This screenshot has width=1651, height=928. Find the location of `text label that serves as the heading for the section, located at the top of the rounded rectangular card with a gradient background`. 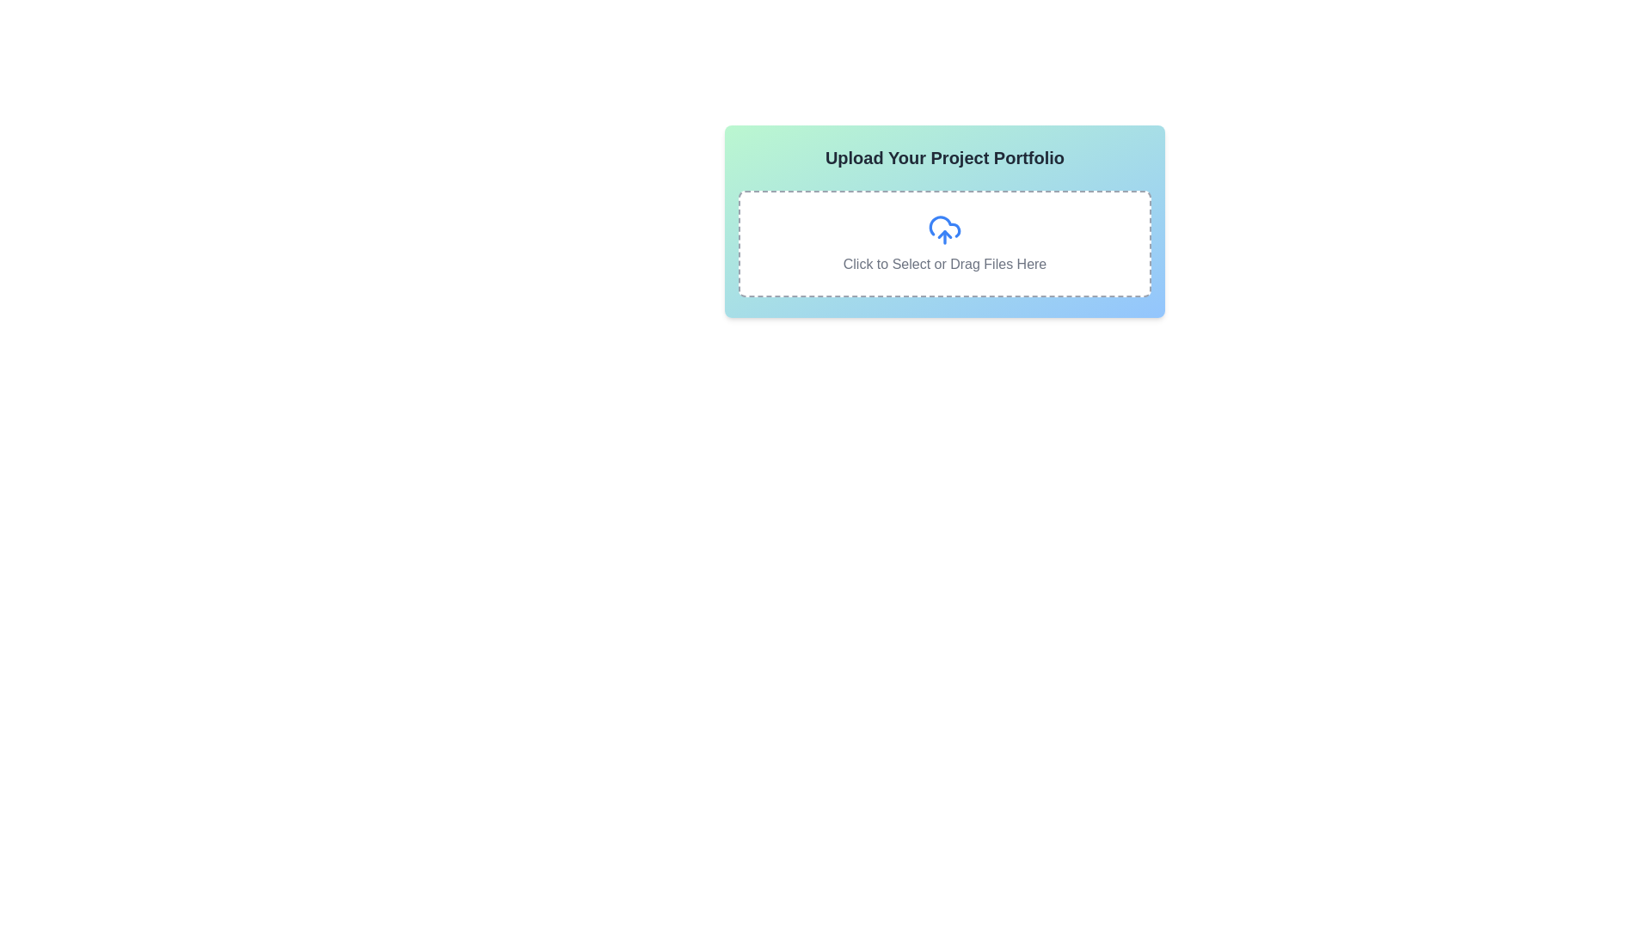

text label that serves as the heading for the section, located at the top of the rounded rectangular card with a gradient background is located at coordinates (944, 158).